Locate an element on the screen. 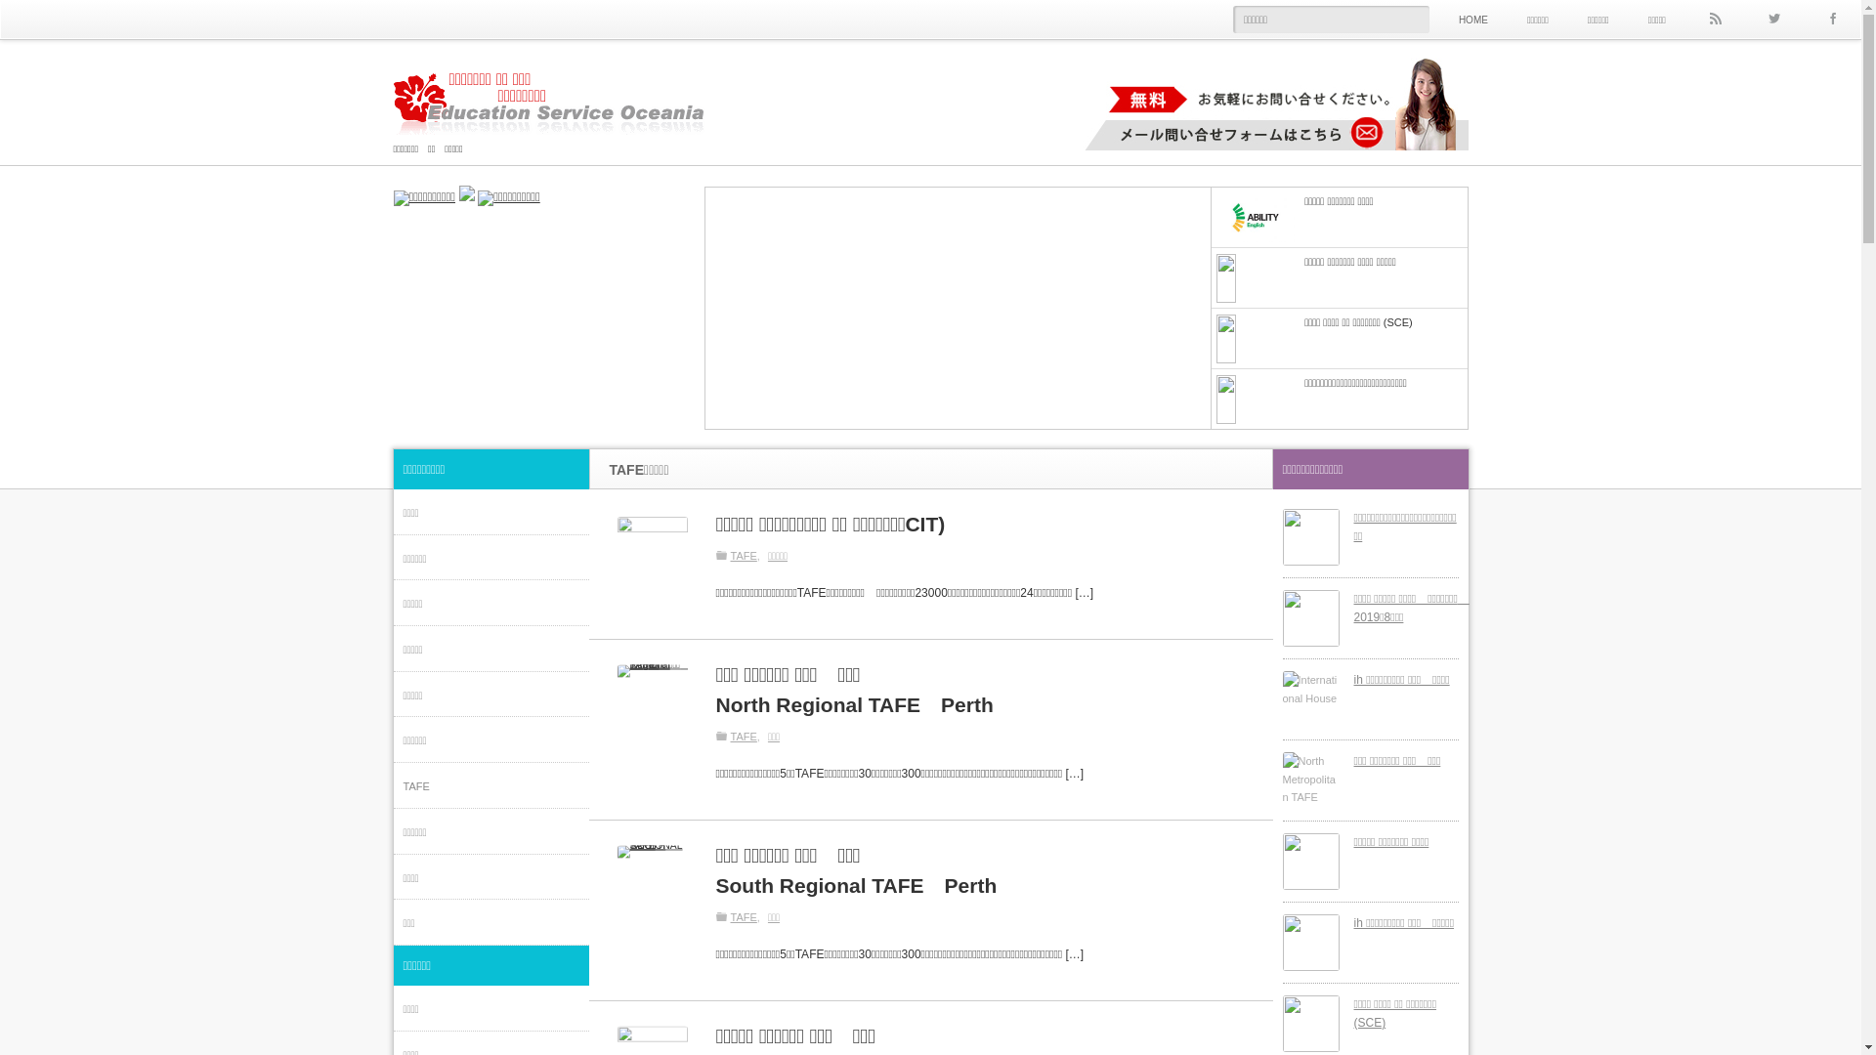  'HOME' is located at coordinates (1472, 19).